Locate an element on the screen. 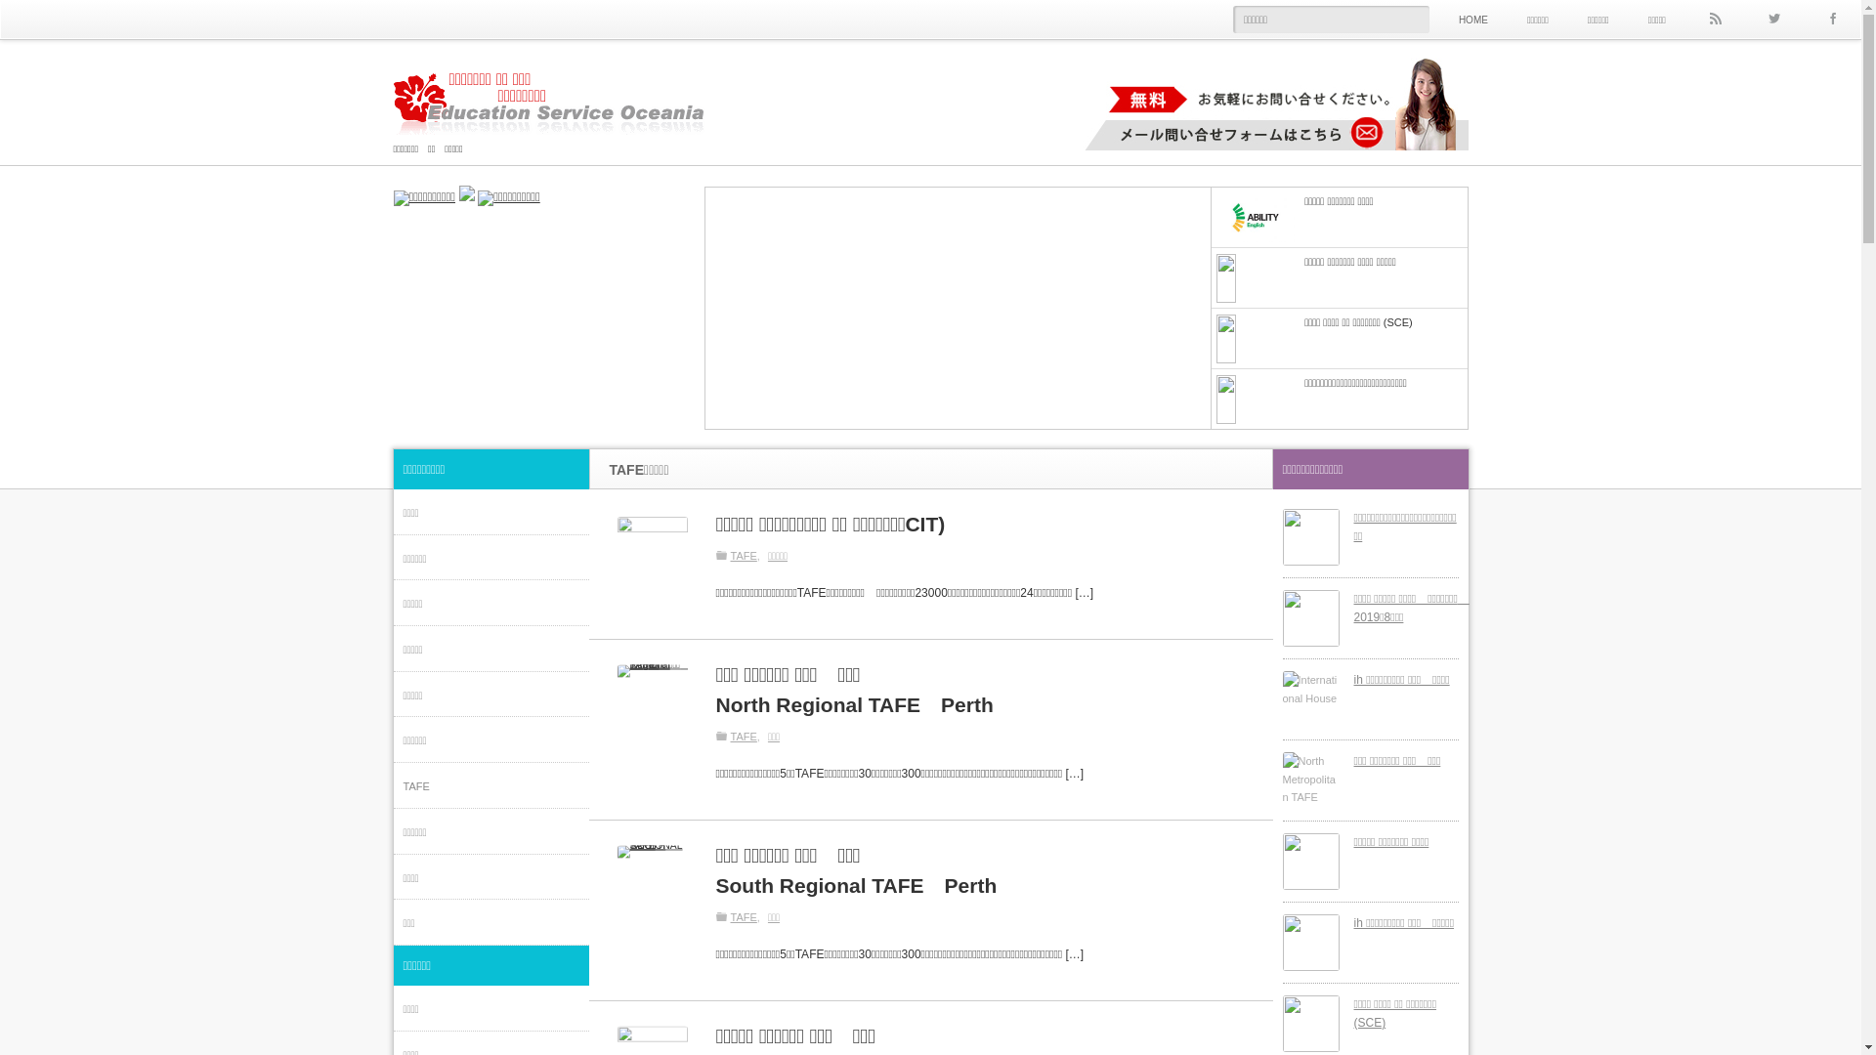  'HOME' is located at coordinates (1472, 19).